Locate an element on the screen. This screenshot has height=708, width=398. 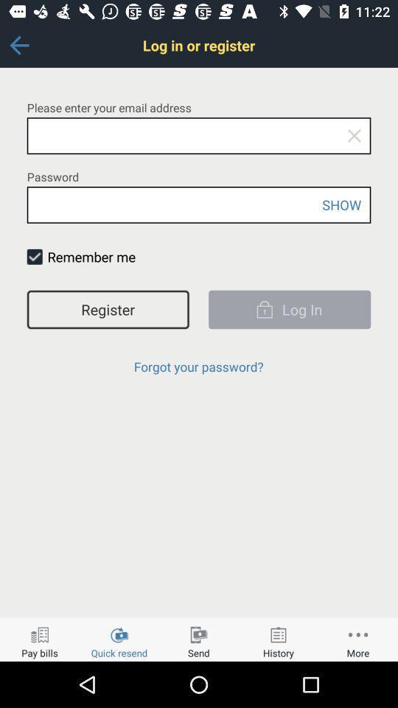
the item next to the remember me icon is located at coordinates (35, 257).